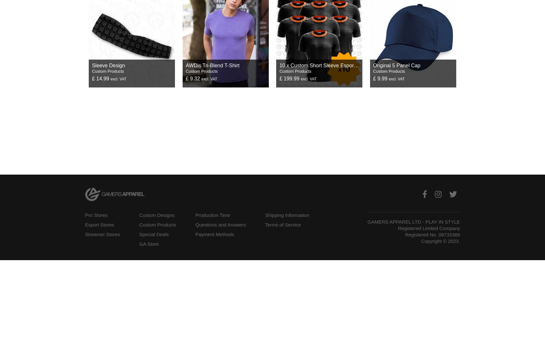 The image size is (545, 338). What do you see at coordinates (186, 65) in the screenshot?
I see `'AWDis Tri-Blend T-Shirt'` at bounding box center [186, 65].